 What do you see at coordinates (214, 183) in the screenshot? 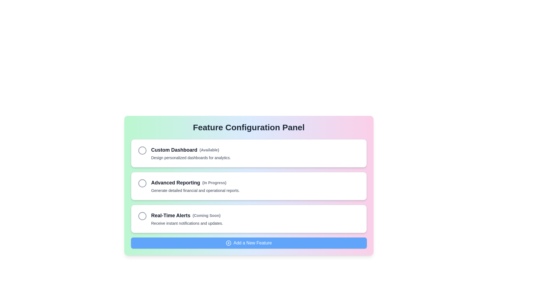
I see `the status label indicating 'In Progress' for the 'Advanced Reporting' feature, positioned to the right of the 'Advanced Reporting' text` at bounding box center [214, 183].